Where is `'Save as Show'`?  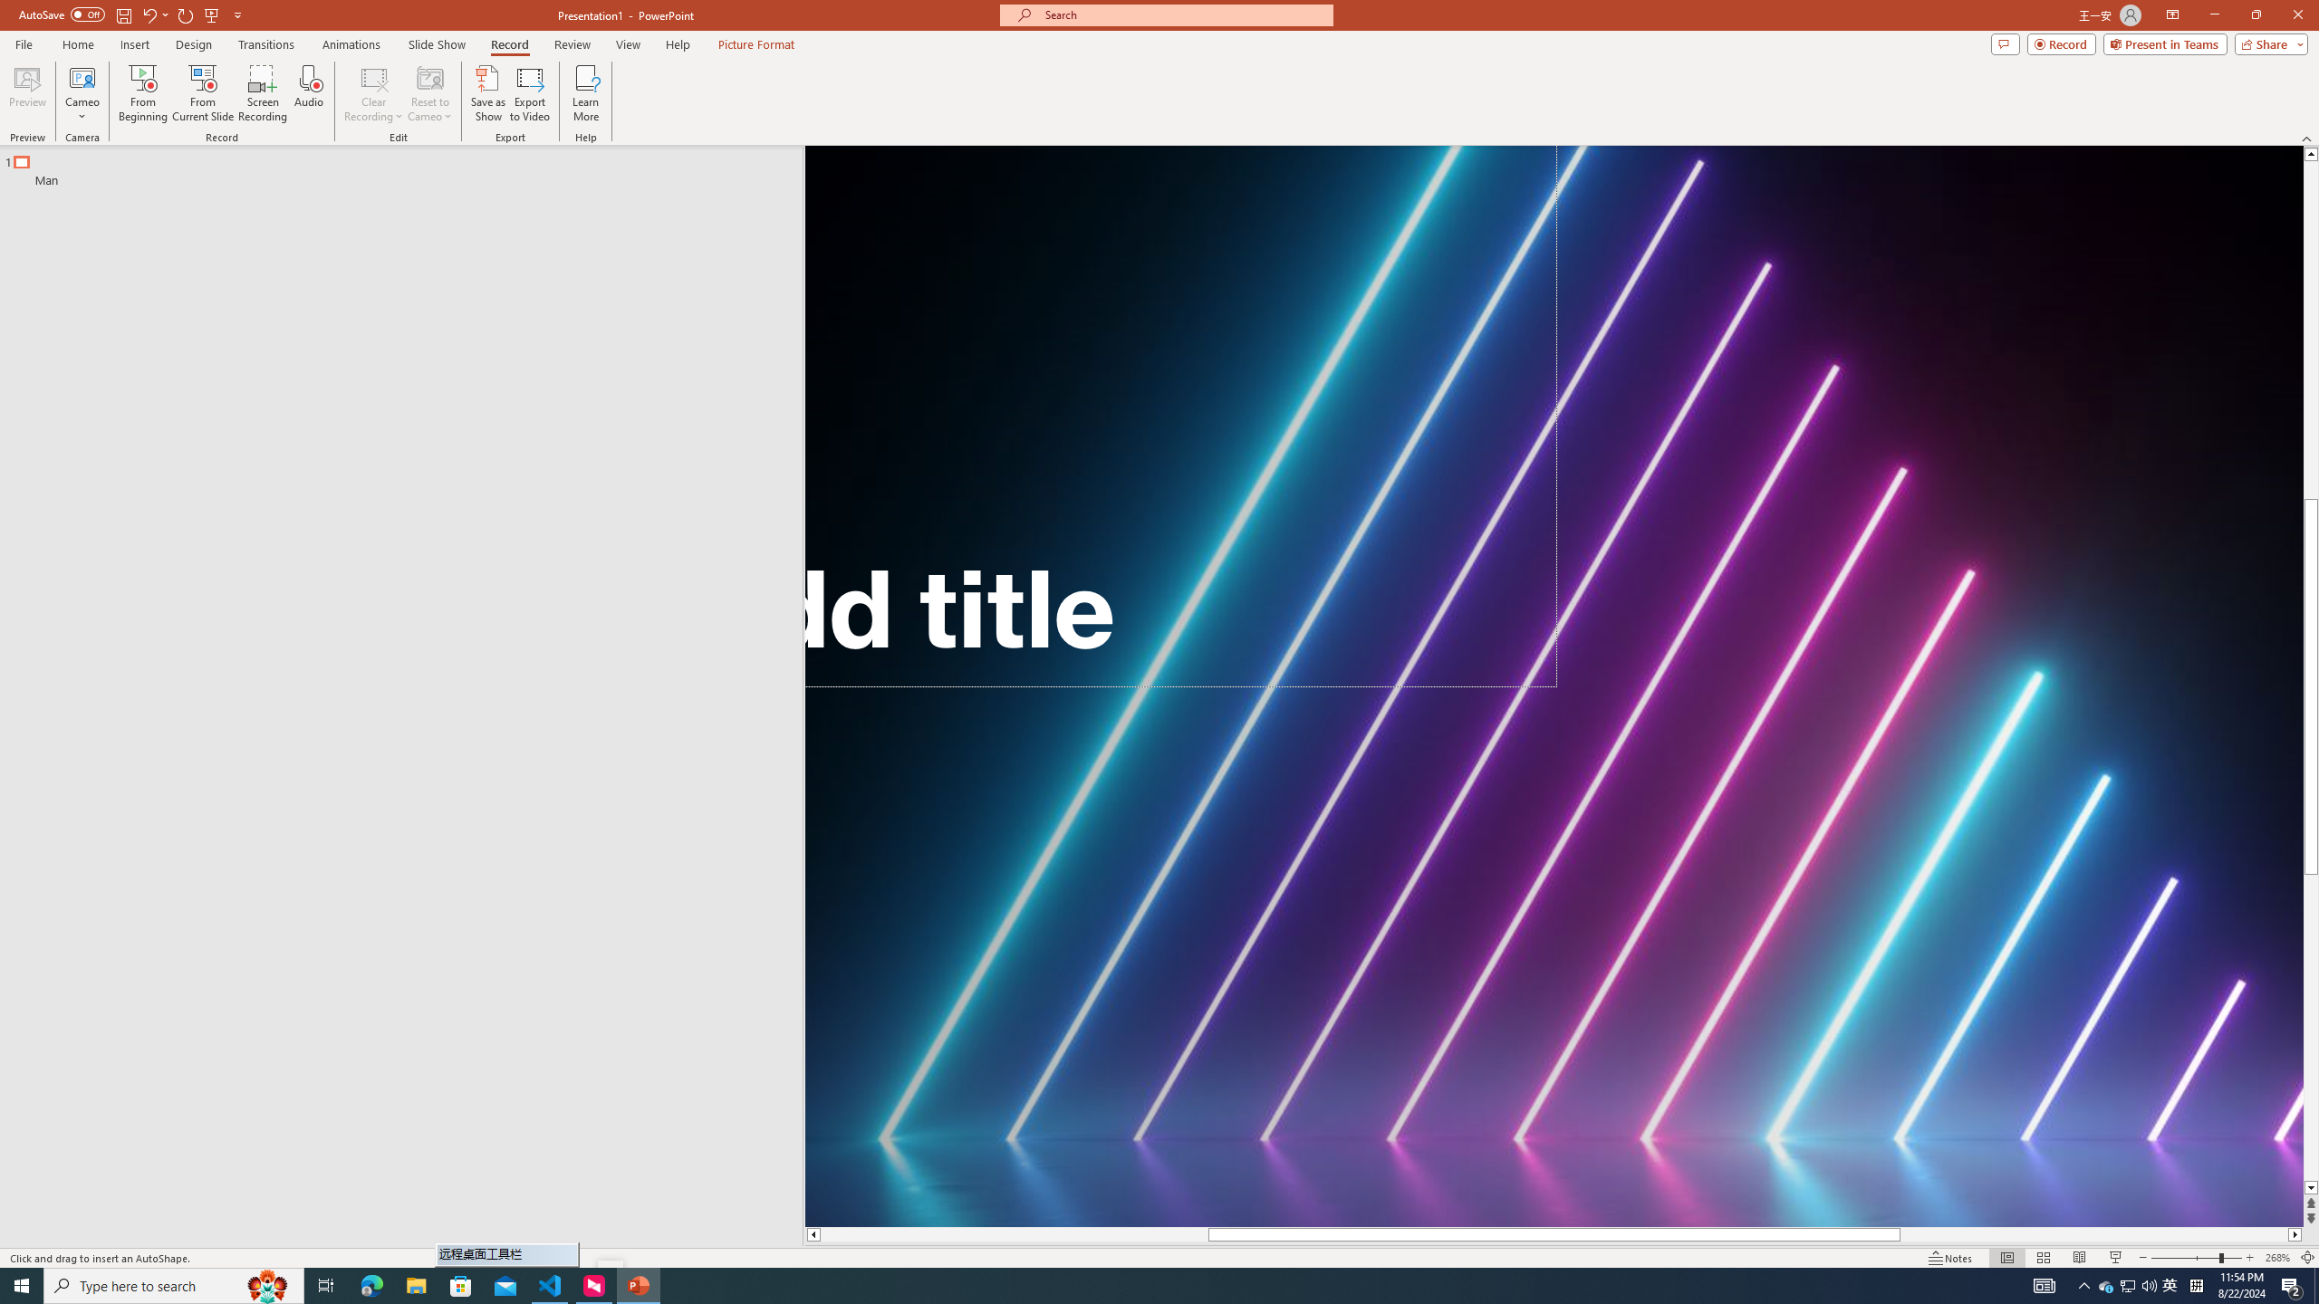
'Save as Show' is located at coordinates (487, 93).